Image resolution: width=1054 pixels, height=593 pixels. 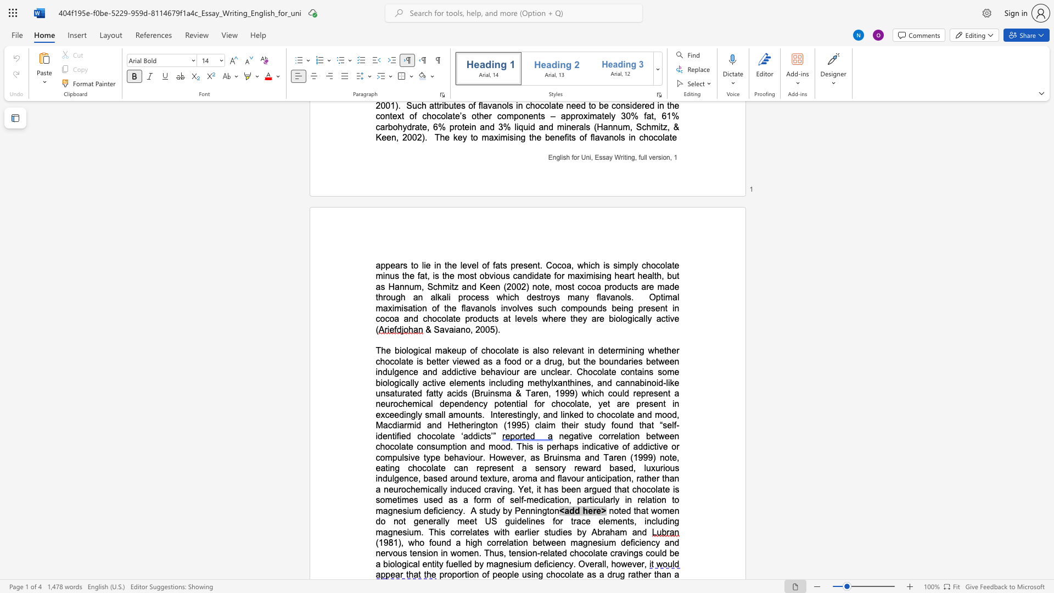 I want to click on the subset text "e is also relevant i" within the text "The biological makeup of chocolate is also relevant in", so click(x=513, y=350).